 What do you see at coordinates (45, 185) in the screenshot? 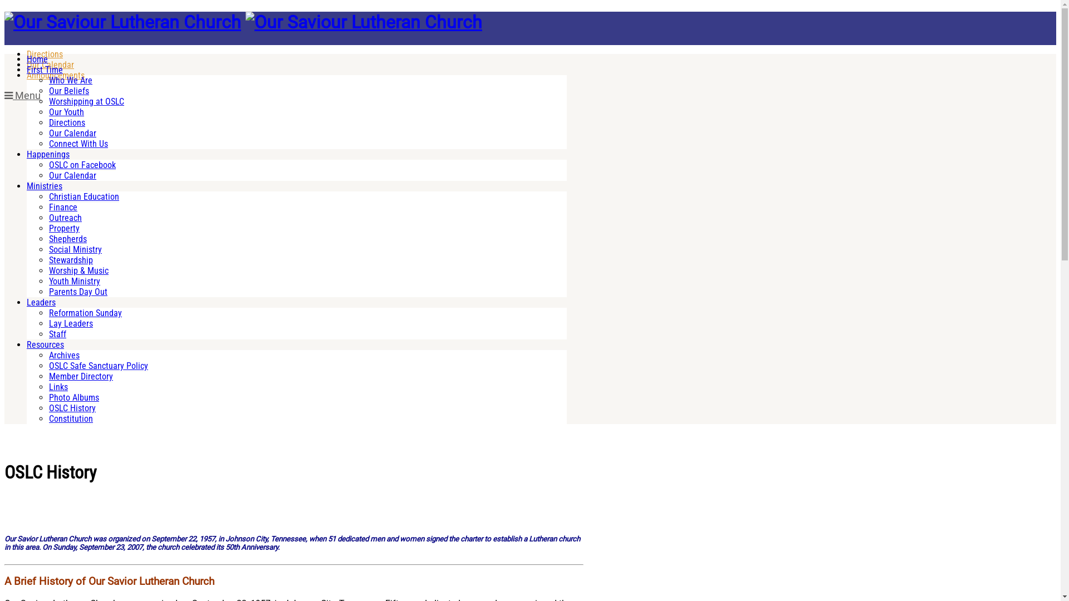
I see `'Ministries'` at bounding box center [45, 185].